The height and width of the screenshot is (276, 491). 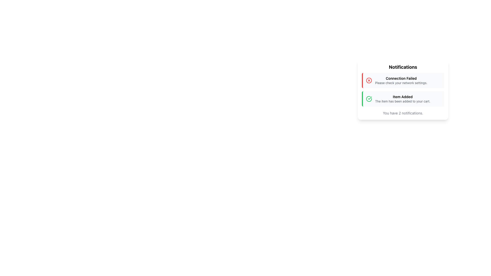 What do you see at coordinates (403, 80) in the screenshot?
I see `the Notification Banner displaying 'Connection Failed' with the description 'Please check your network settings.'` at bounding box center [403, 80].